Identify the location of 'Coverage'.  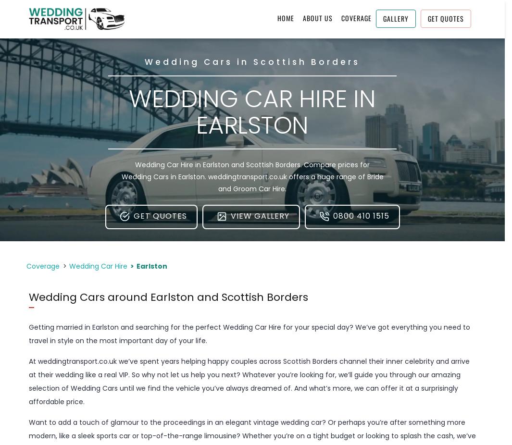
(42, 266).